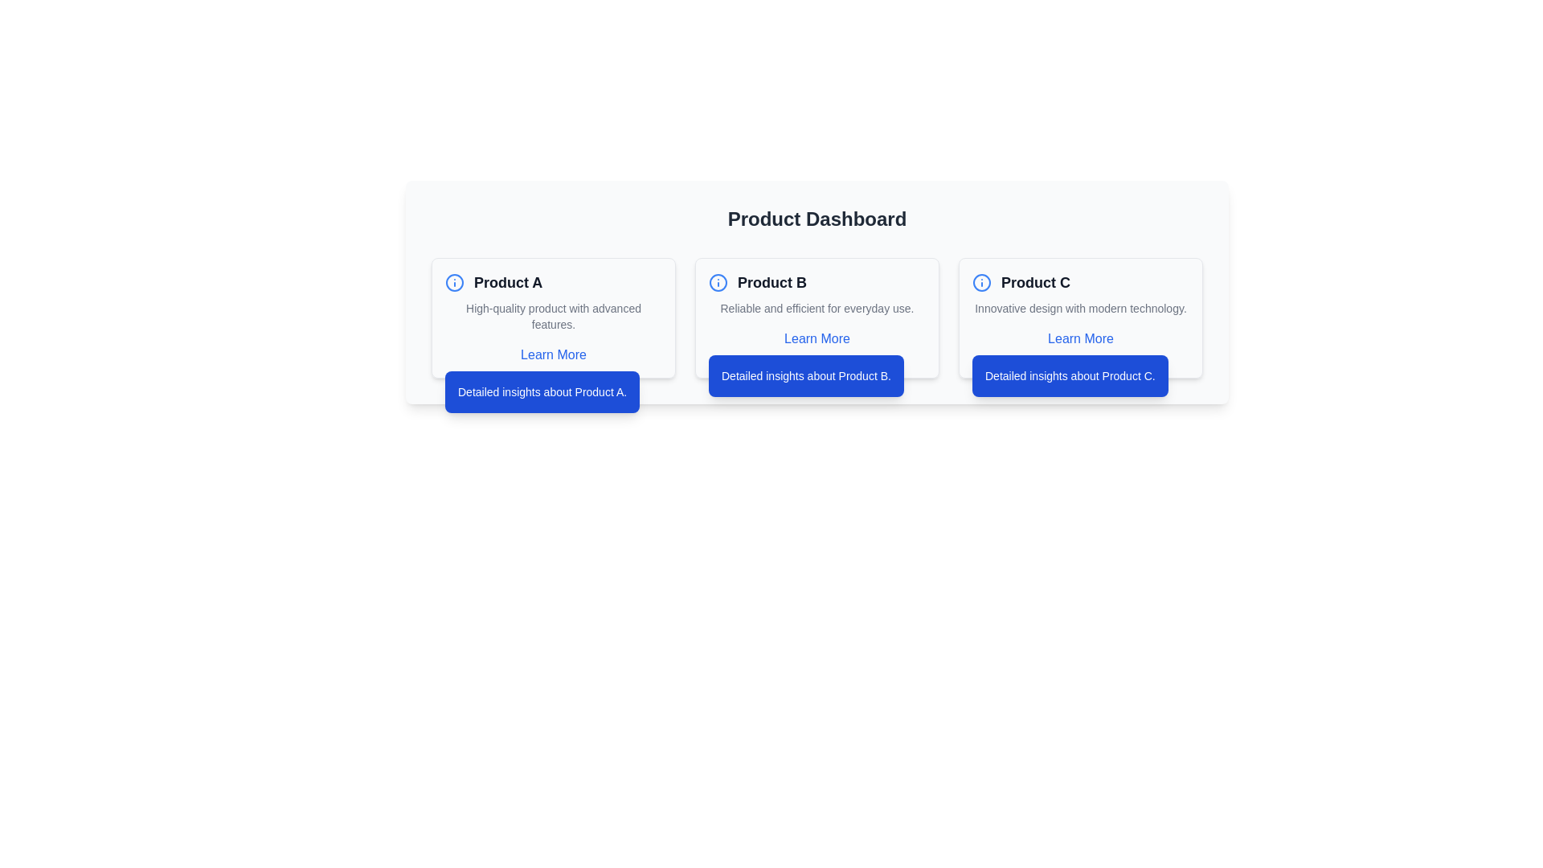 This screenshot has width=1543, height=868. What do you see at coordinates (817, 219) in the screenshot?
I see `the bold, large-sized heading text reading 'Product Dashboard'` at bounding box center [817, 219].